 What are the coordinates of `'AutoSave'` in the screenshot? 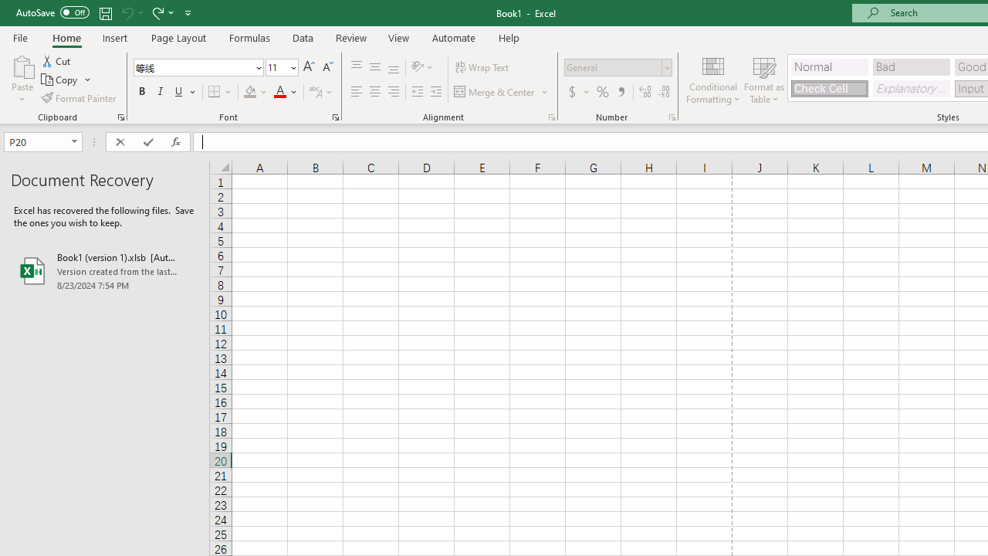 It's located at (52, 12).